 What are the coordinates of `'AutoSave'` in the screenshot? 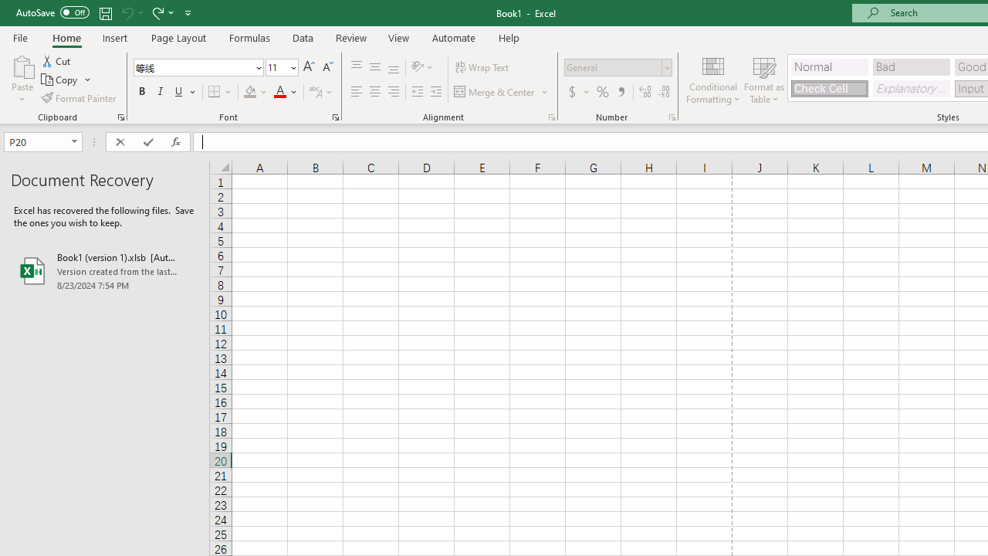 It's located at (52, 12).